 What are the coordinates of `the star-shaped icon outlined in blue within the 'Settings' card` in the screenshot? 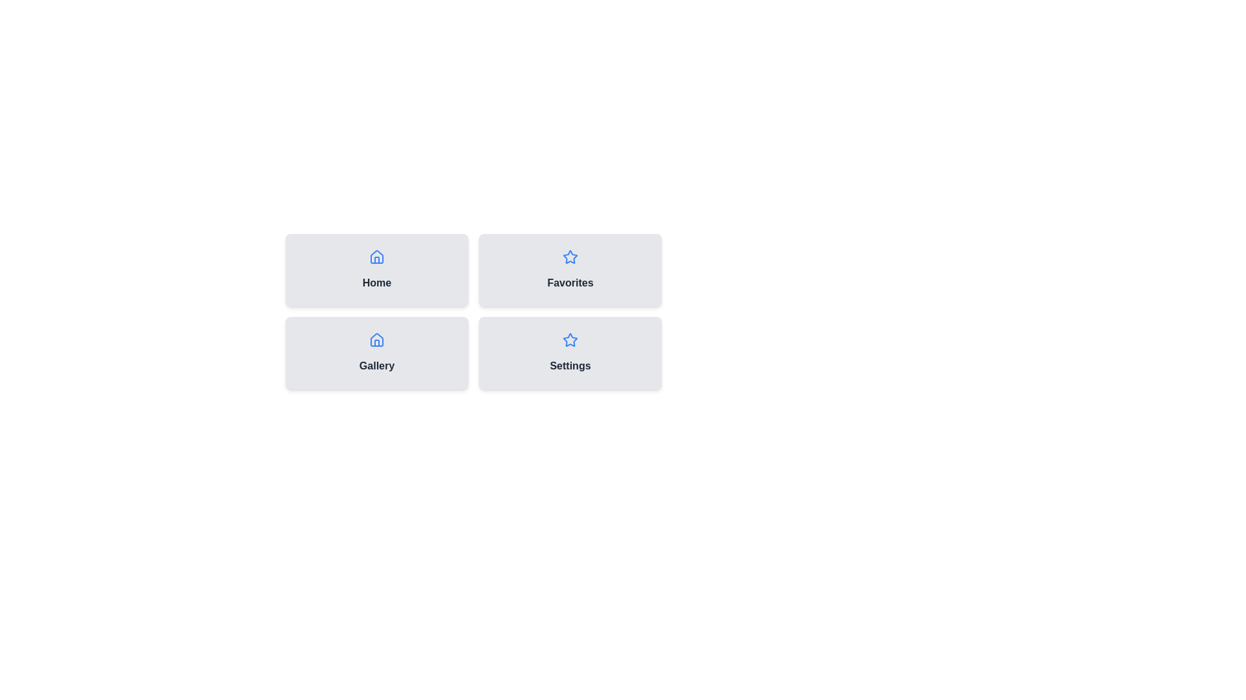 It's located at (570, 257).